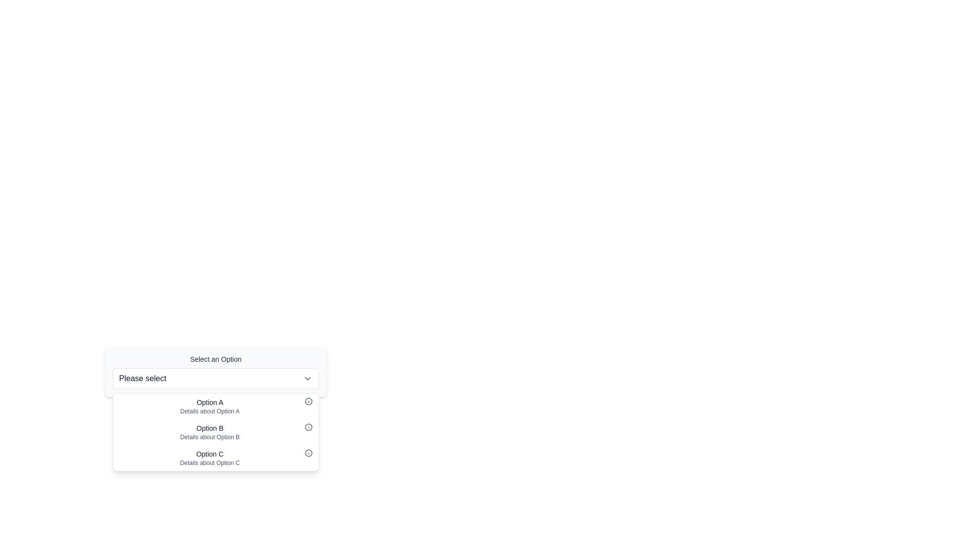 The image size is (953, 536). Describe the element at coordinates (308, 401) in the screenshot. I see `the SVG circle element that is part of the icon next to the text 'Option A' in the dropdown menu` at that location.